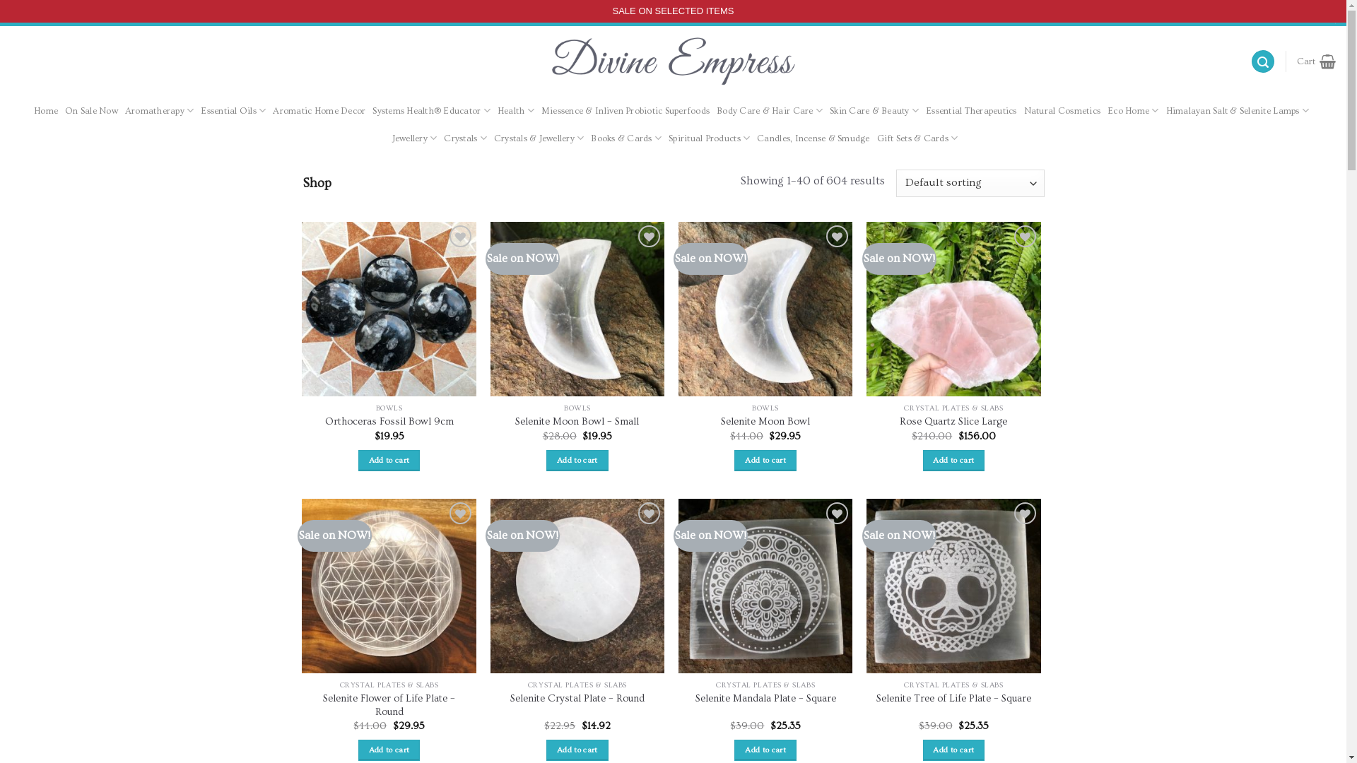 The width and height of the screenshot is (1357, 763). I want to click on 'Natural Cosmetics', so click(1062, 110).